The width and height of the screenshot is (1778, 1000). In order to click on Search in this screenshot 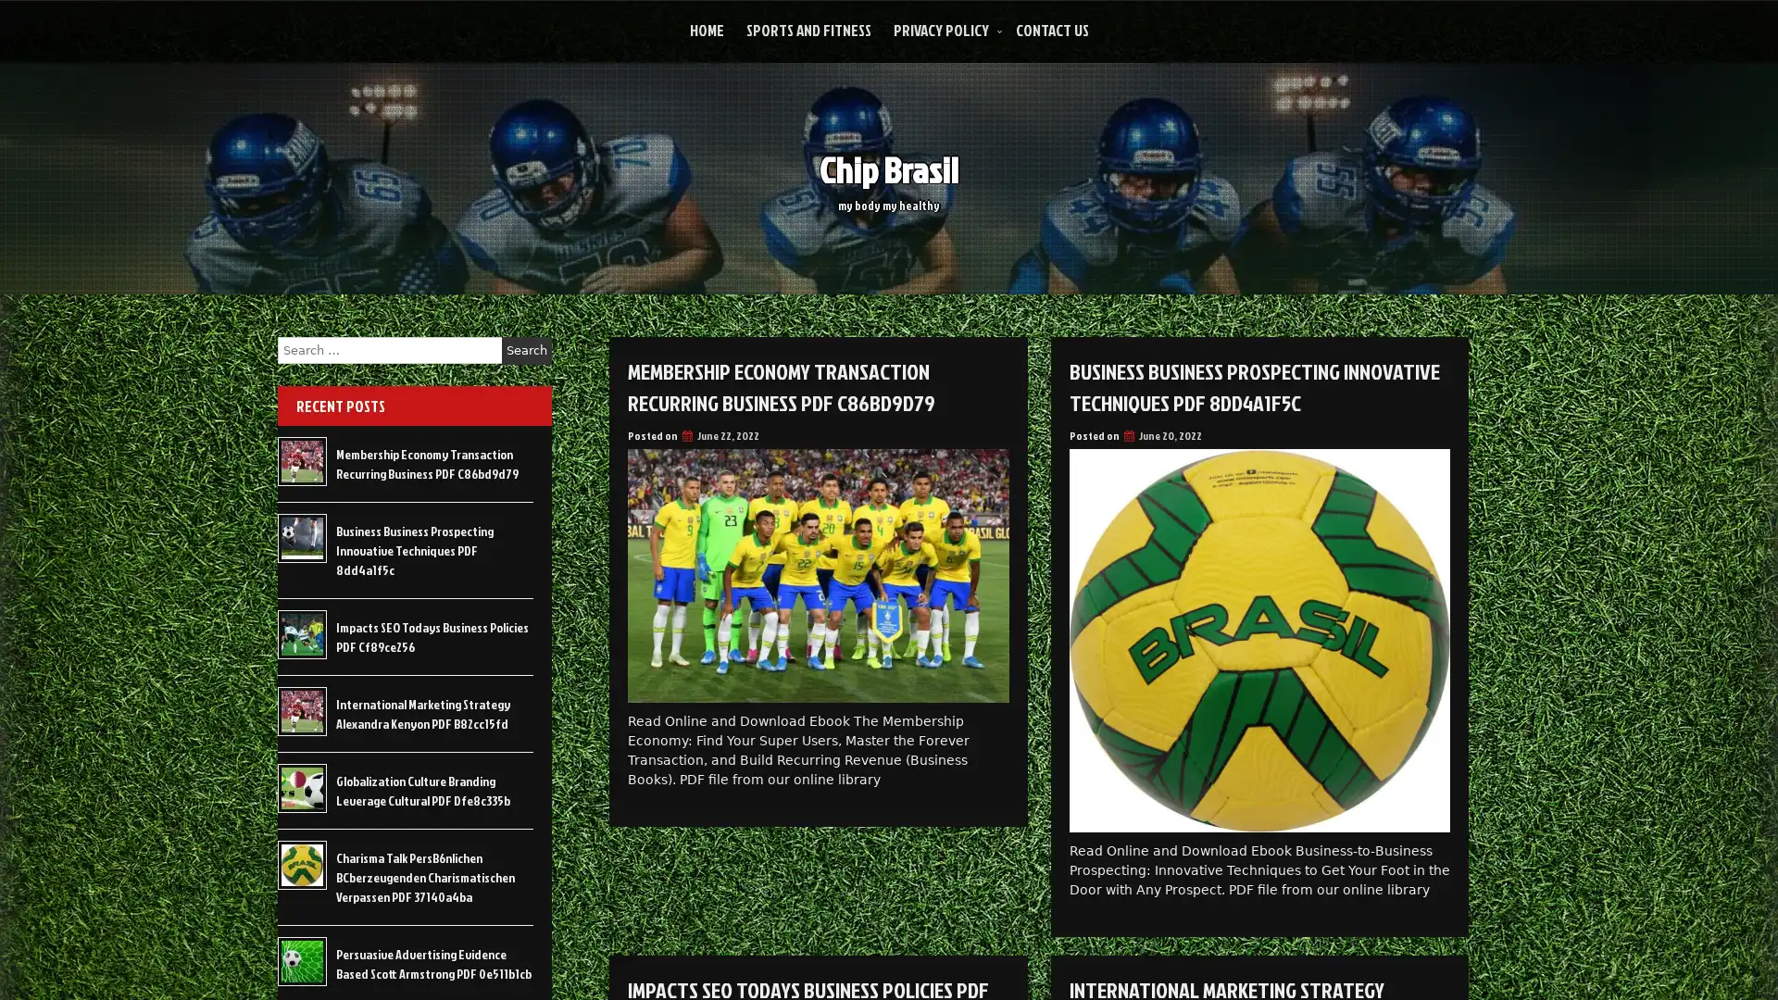, I will do `click(526, 350)`.